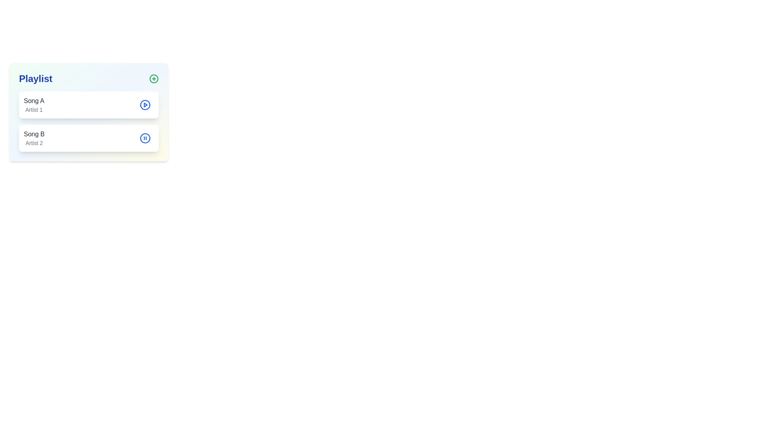 This screenshot has height=428, width=762. What do you see at coordinates (34, 138) in the screenshot?
I see `the textual information display for the second item` at bounding box center [34, 138].